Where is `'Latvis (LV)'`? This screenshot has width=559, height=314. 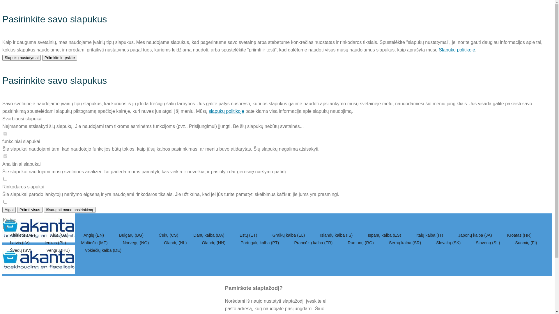
'Latvis (LV)' is located at coordinates (20, 242).